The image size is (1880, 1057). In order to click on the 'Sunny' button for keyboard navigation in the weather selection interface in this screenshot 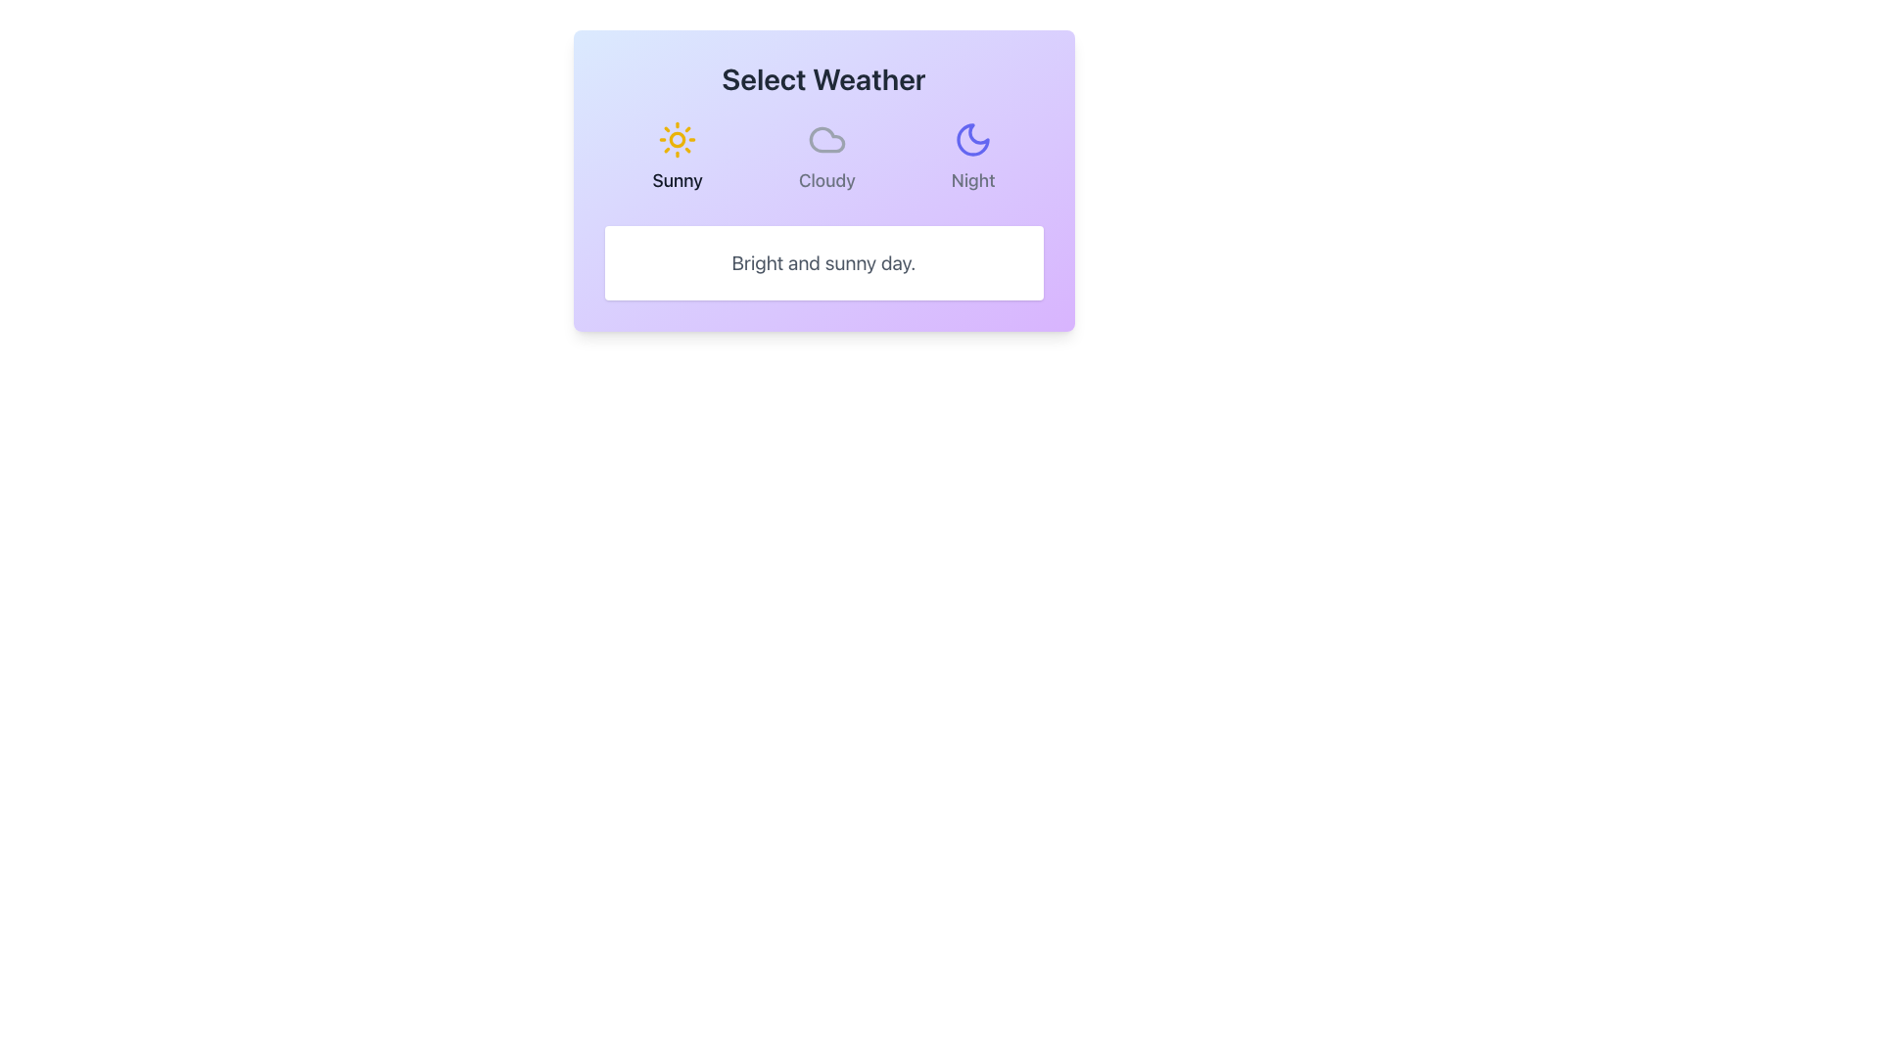, I will do `click(678, 157)`.